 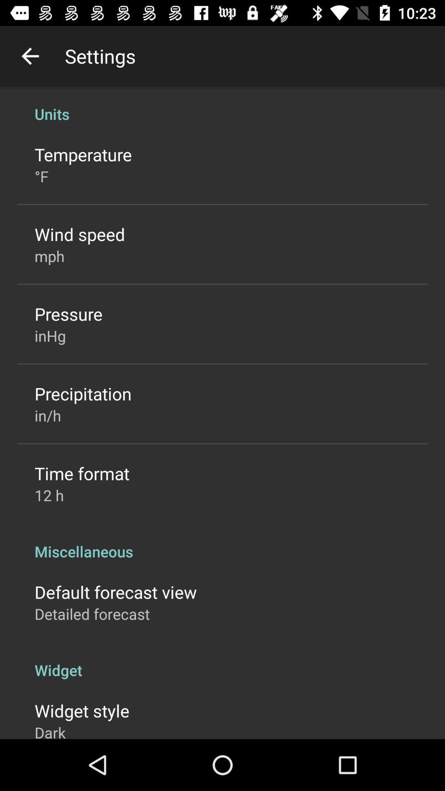 I want to click on time format, so click(x=82, y=473).